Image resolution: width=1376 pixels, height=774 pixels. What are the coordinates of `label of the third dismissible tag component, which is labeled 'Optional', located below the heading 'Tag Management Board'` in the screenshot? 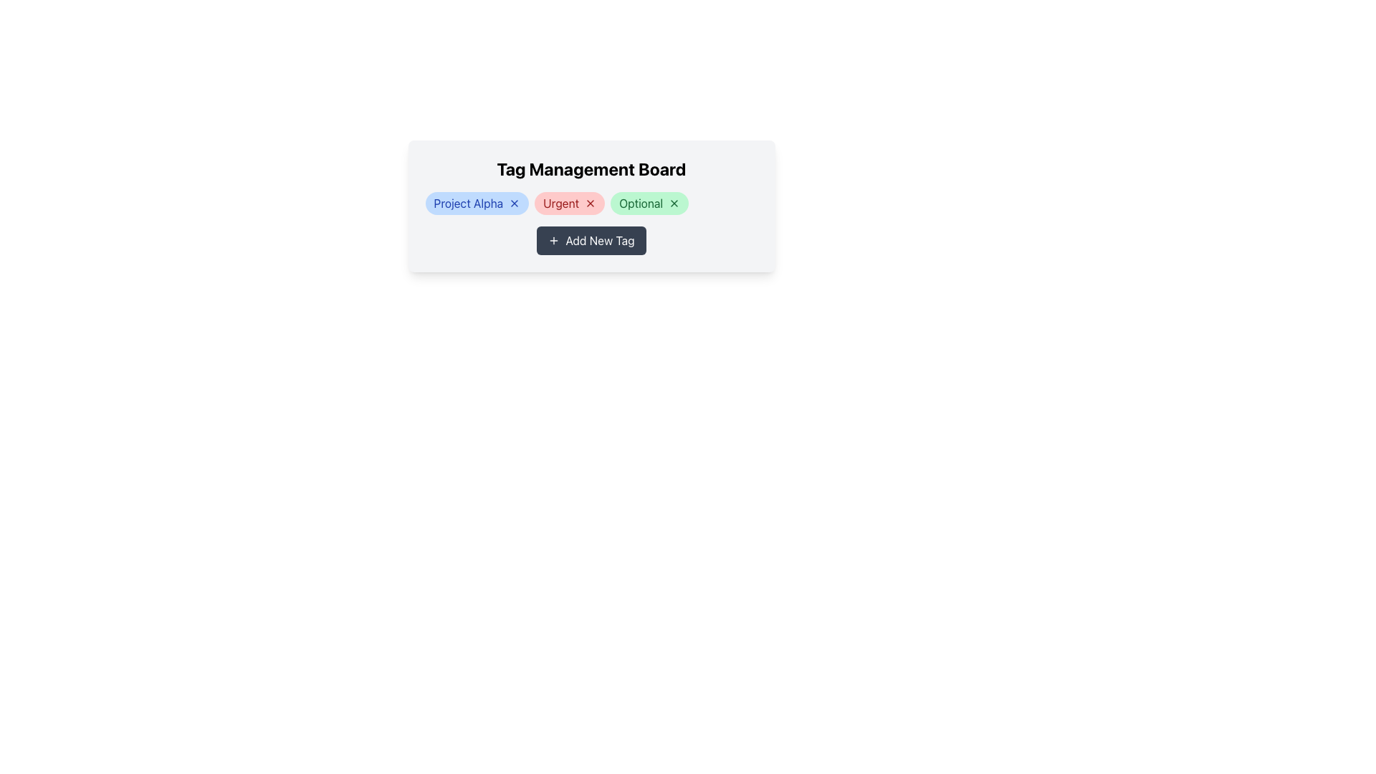 It's located at (649, 204).